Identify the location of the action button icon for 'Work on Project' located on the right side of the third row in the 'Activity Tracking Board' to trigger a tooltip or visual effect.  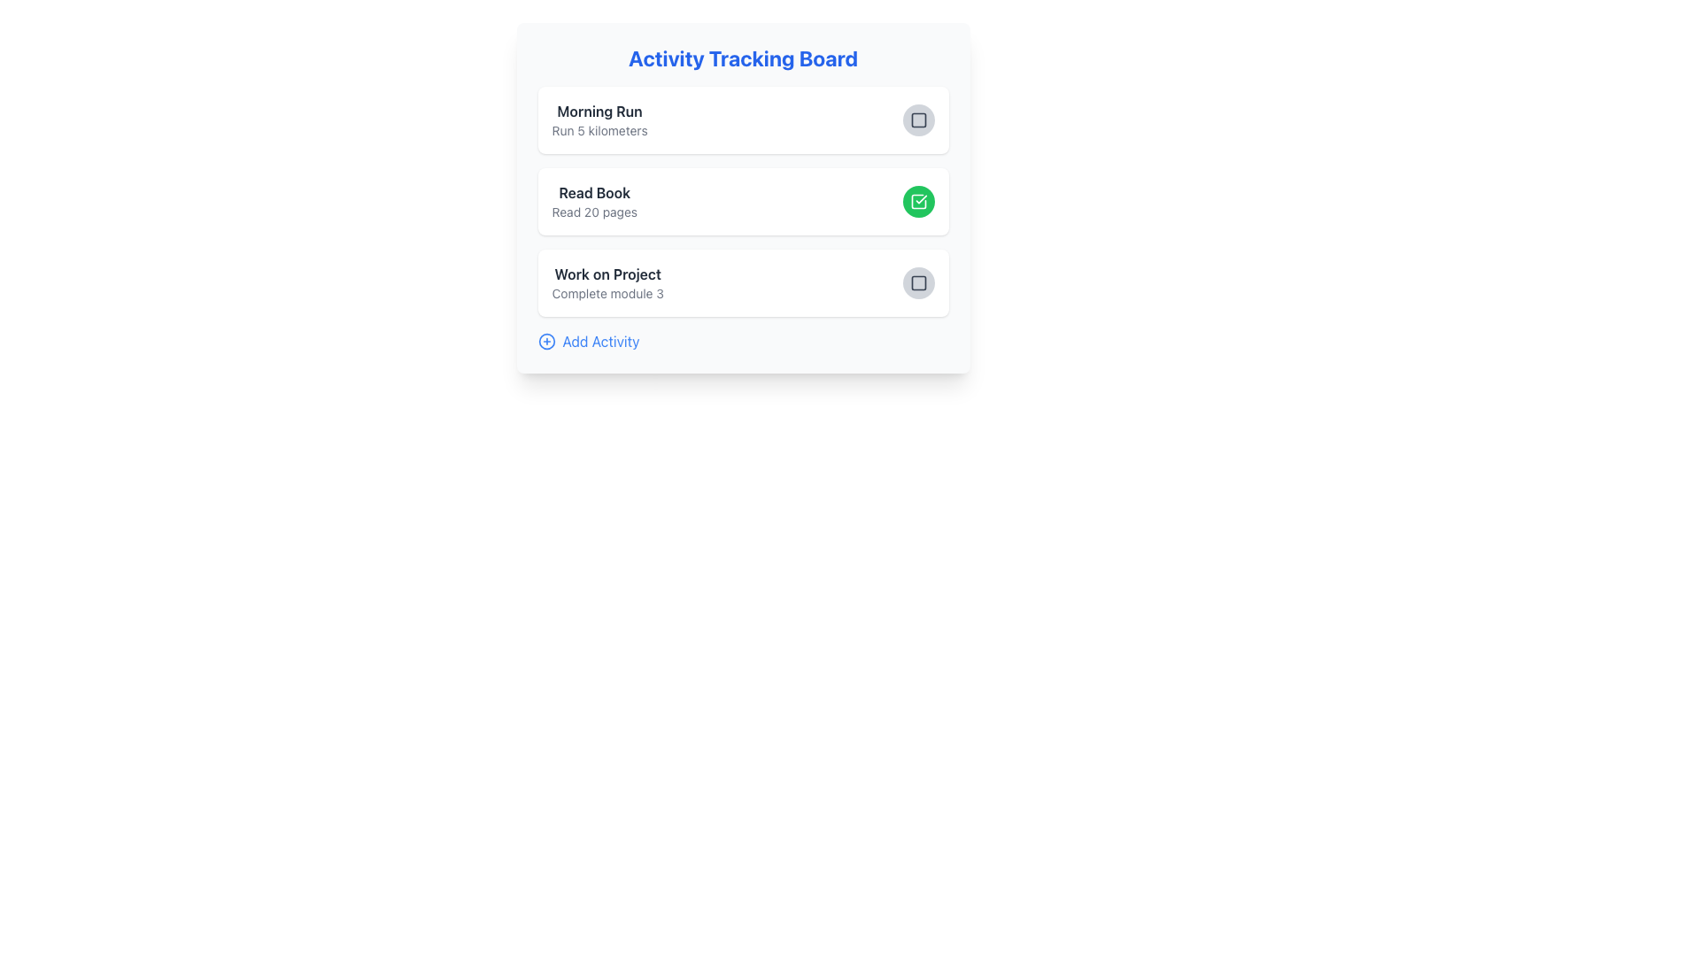
(918, 282).